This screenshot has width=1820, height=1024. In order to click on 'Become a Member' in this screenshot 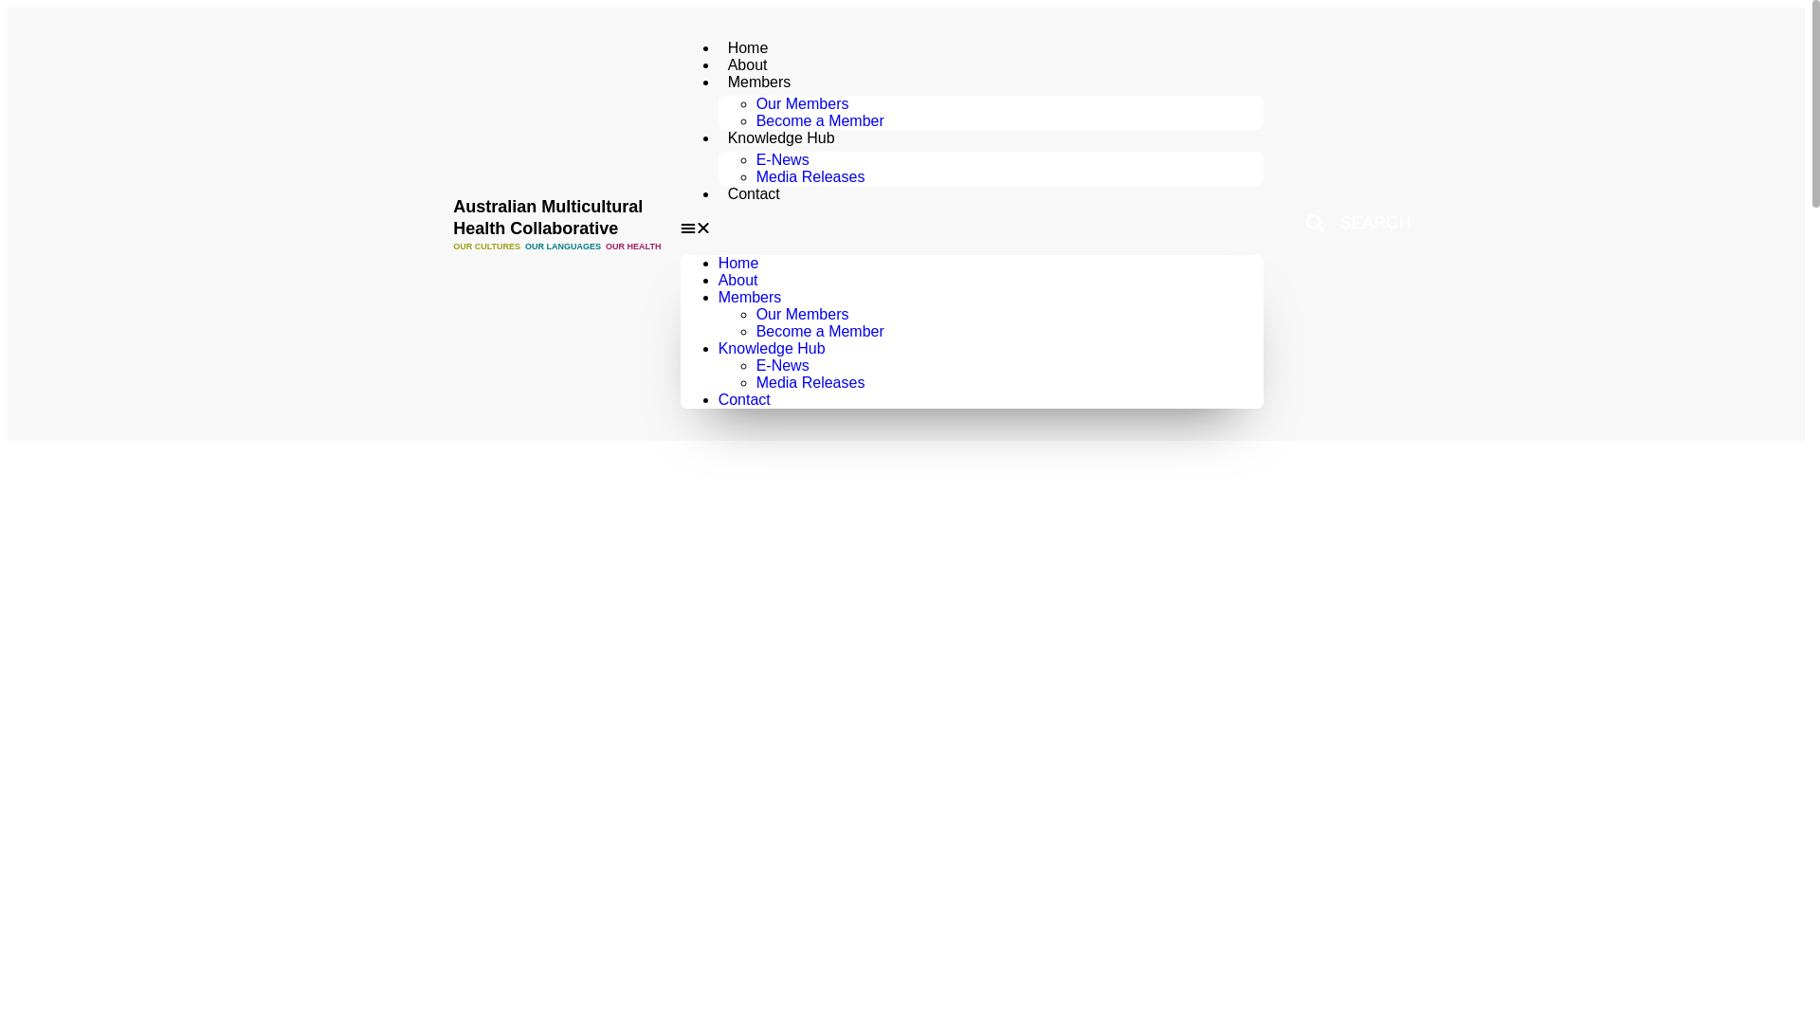, I will do `click(820, 330)`.